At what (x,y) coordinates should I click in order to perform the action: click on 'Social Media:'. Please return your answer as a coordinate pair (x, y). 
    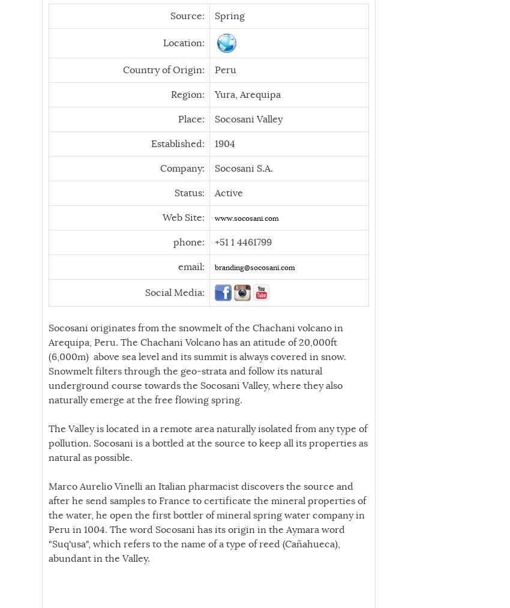
    Looking at the image, I should click on (123, 292).